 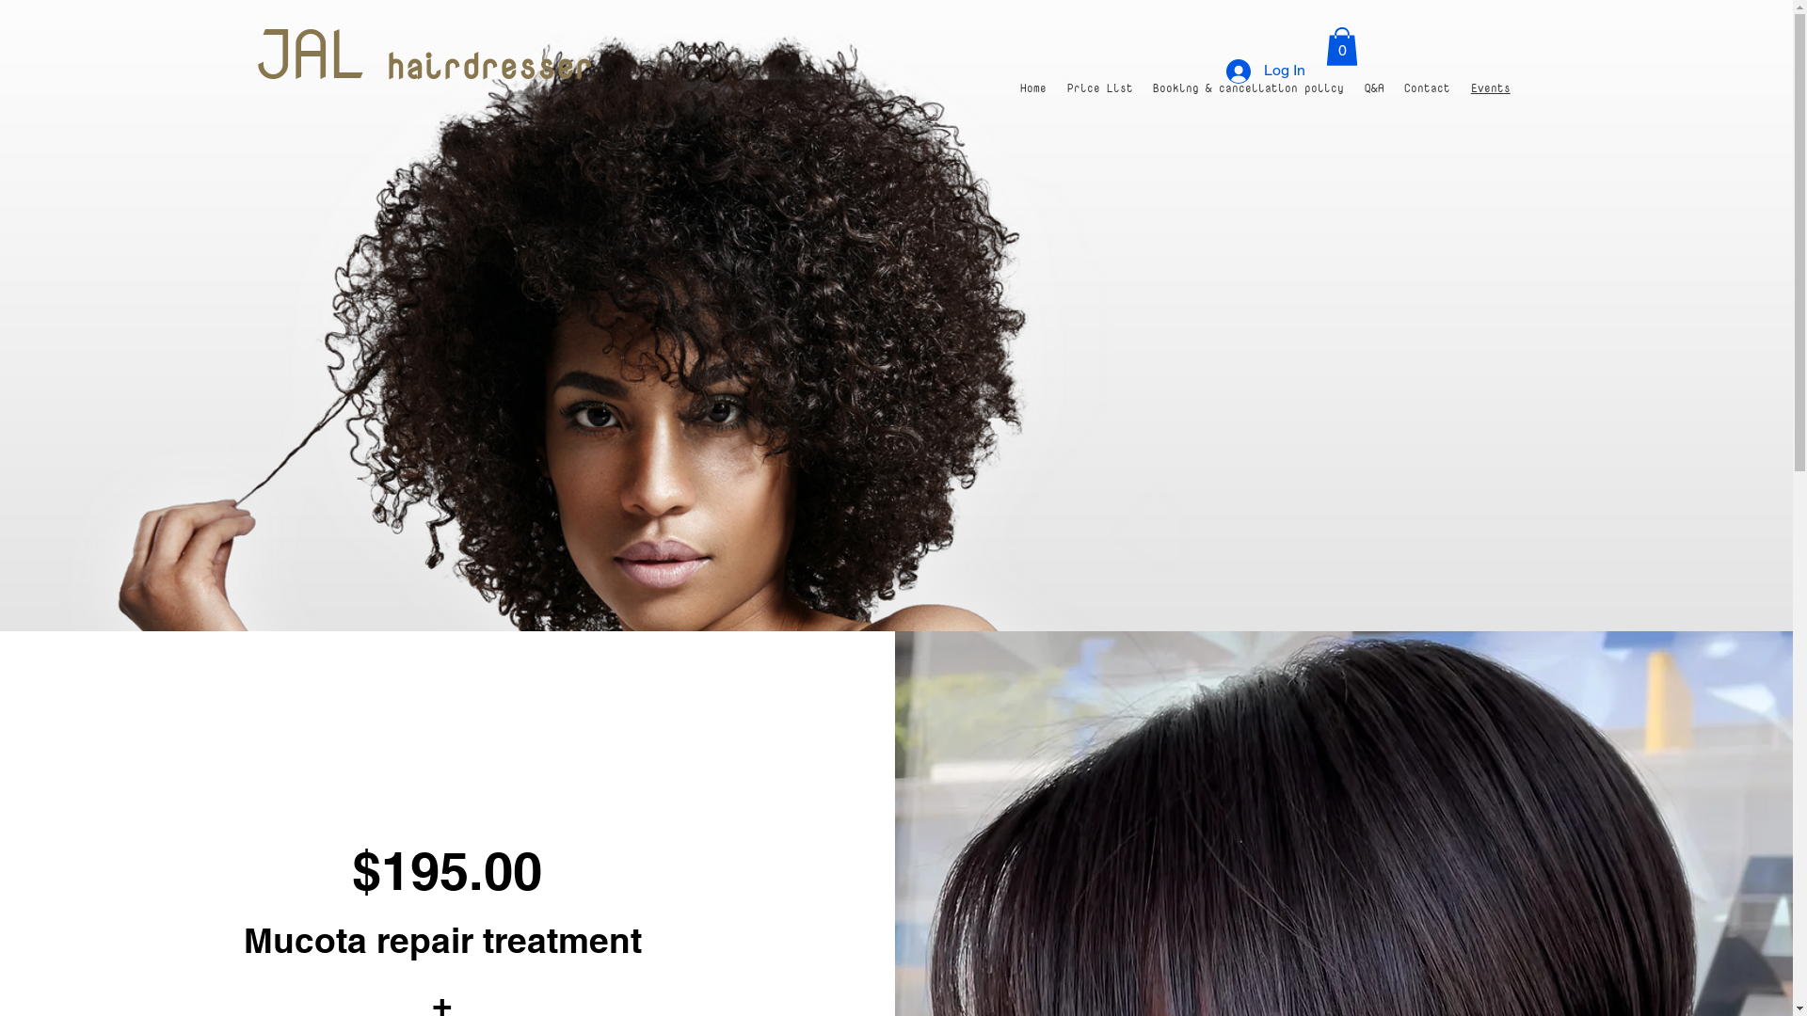 What do you see at coordinates (1353, 87) in the screenshot?
I see `'Q&A'` at bounding box center [1353, 87].